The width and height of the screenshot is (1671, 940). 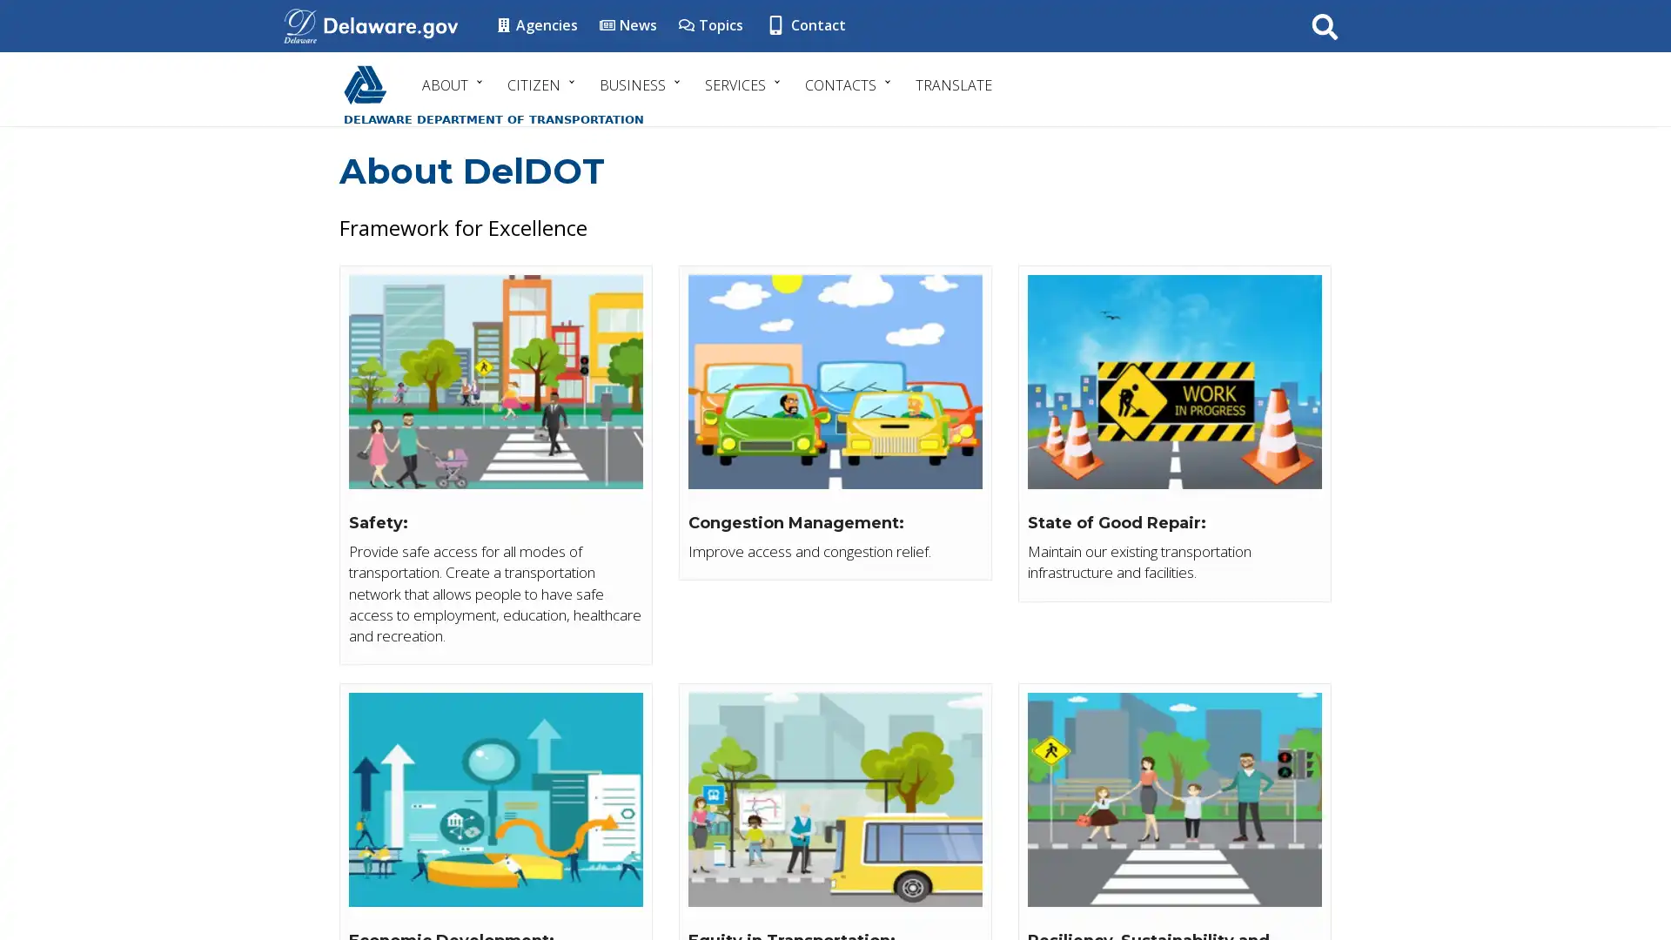 I want to click on Search, so click(x=1324, y=25).